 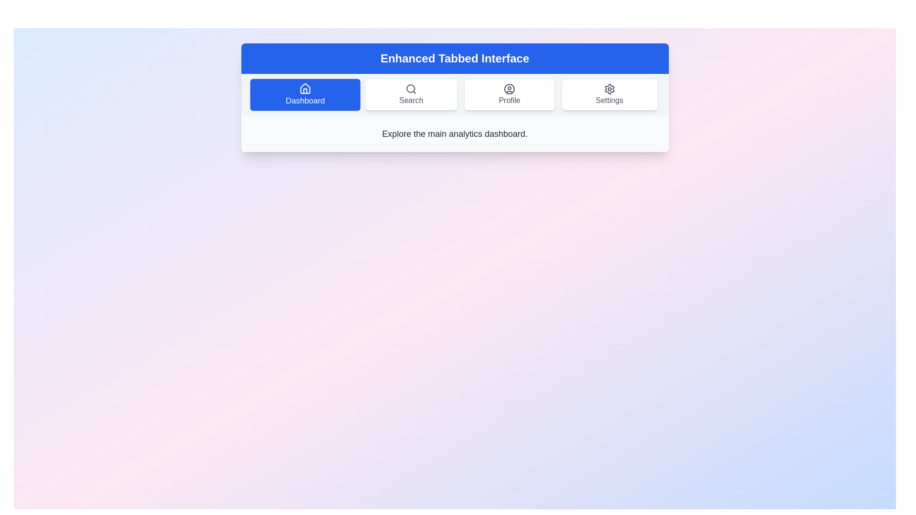 What do you see at coordinates (411, 101) in the screenshot?
I see `the 'Search' label text that is displayed below the magnifying glass icon in the navigation menu` at bounding box center [411, 101].